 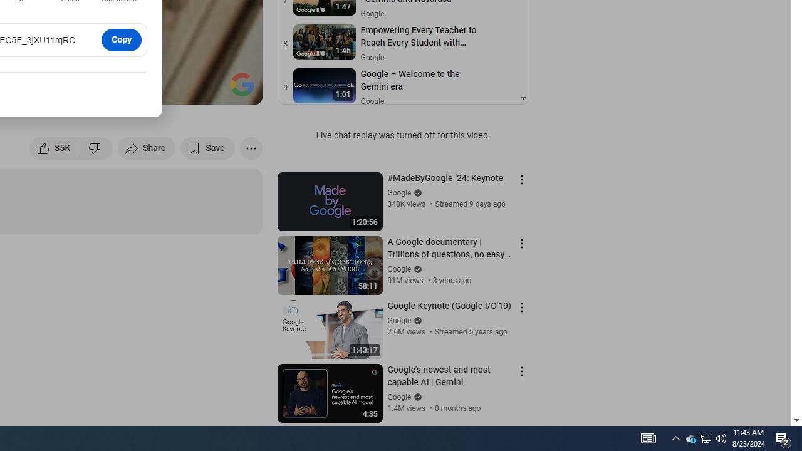 What do you see at coordinates (251, 147) in the screenshot?
I see `'More actions'` at bounding box center [251, 147].